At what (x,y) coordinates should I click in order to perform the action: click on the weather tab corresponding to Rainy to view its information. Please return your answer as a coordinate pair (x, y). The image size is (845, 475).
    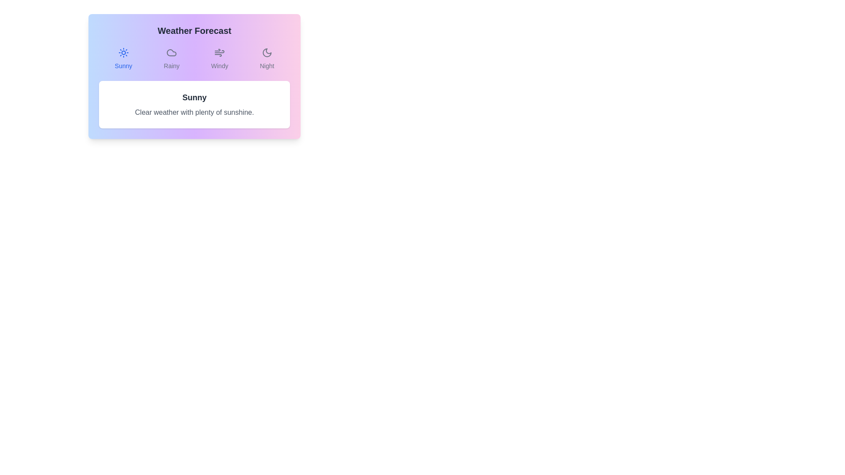
    Looking at the image, I should click on (171, 59).